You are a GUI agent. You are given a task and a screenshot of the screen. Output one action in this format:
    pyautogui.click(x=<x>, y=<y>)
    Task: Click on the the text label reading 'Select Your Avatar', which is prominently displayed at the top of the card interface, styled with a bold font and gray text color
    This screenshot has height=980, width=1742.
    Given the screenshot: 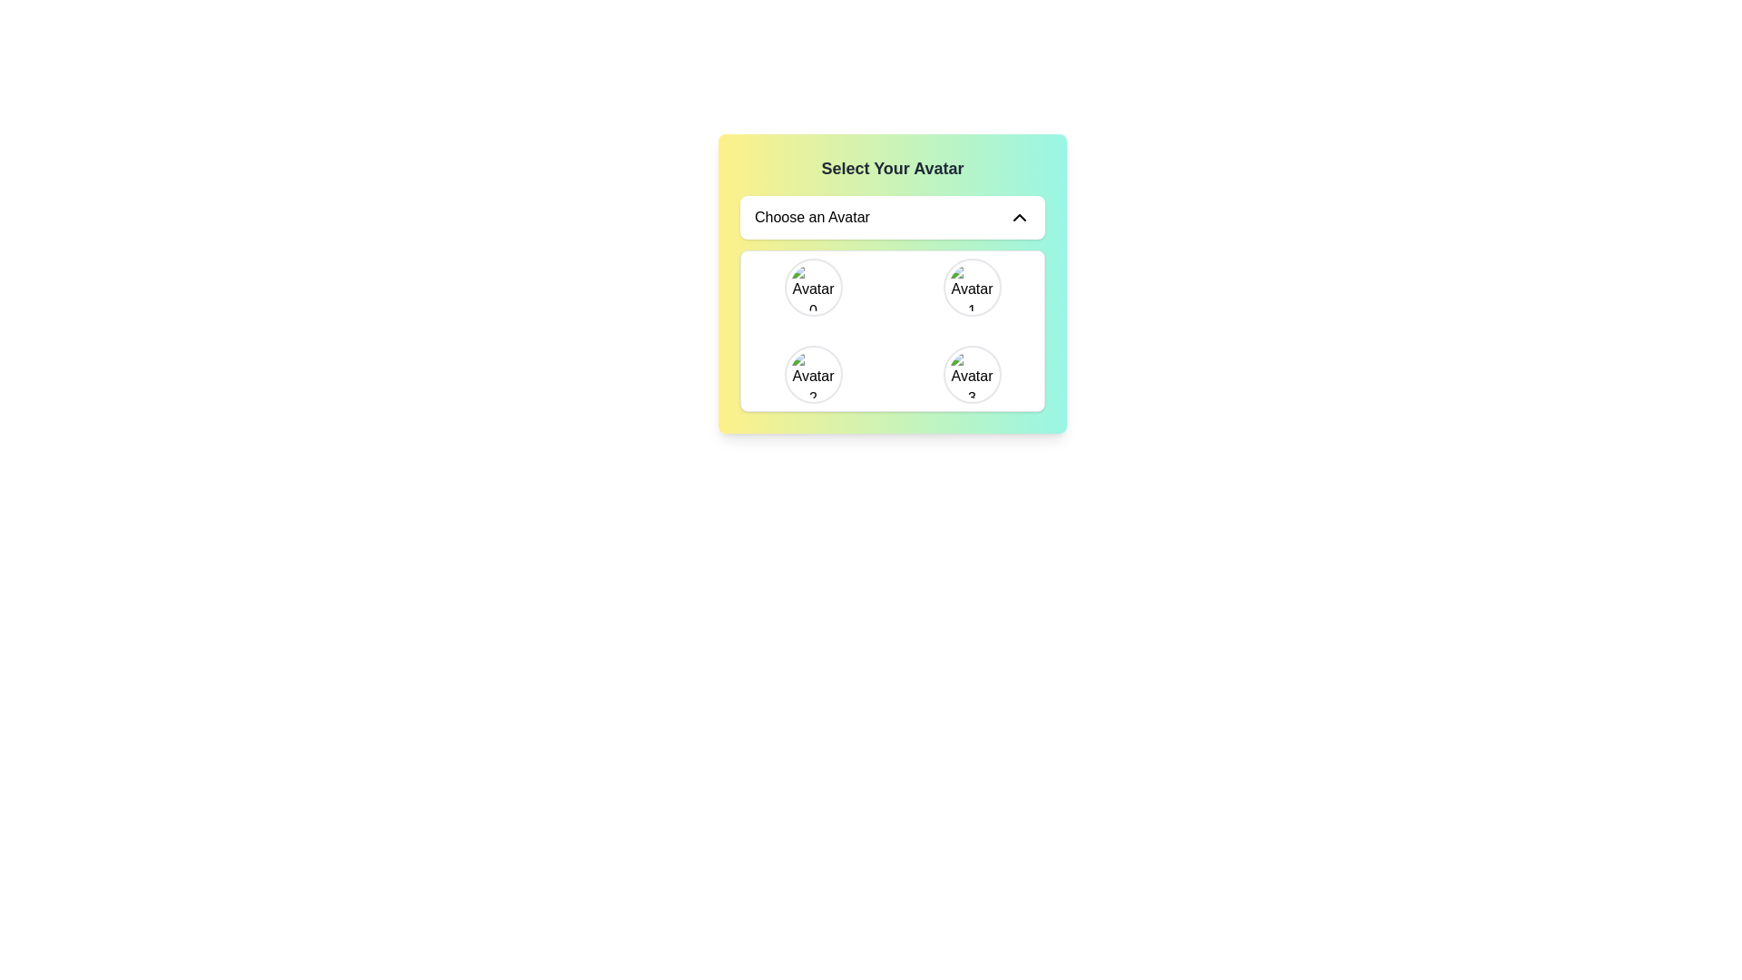 What is the action you would take?
    pyautogui.click(x=892, y=168)
    